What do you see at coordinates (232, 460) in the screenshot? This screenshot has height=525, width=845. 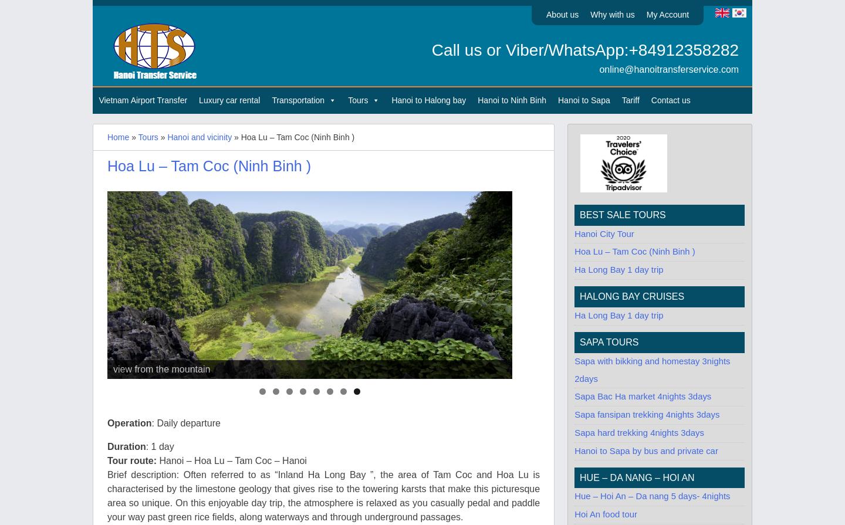 I see `'Hanoi – Hoa Lu – Tam Coc – Hanoi'` at bounding box center [232, 460].